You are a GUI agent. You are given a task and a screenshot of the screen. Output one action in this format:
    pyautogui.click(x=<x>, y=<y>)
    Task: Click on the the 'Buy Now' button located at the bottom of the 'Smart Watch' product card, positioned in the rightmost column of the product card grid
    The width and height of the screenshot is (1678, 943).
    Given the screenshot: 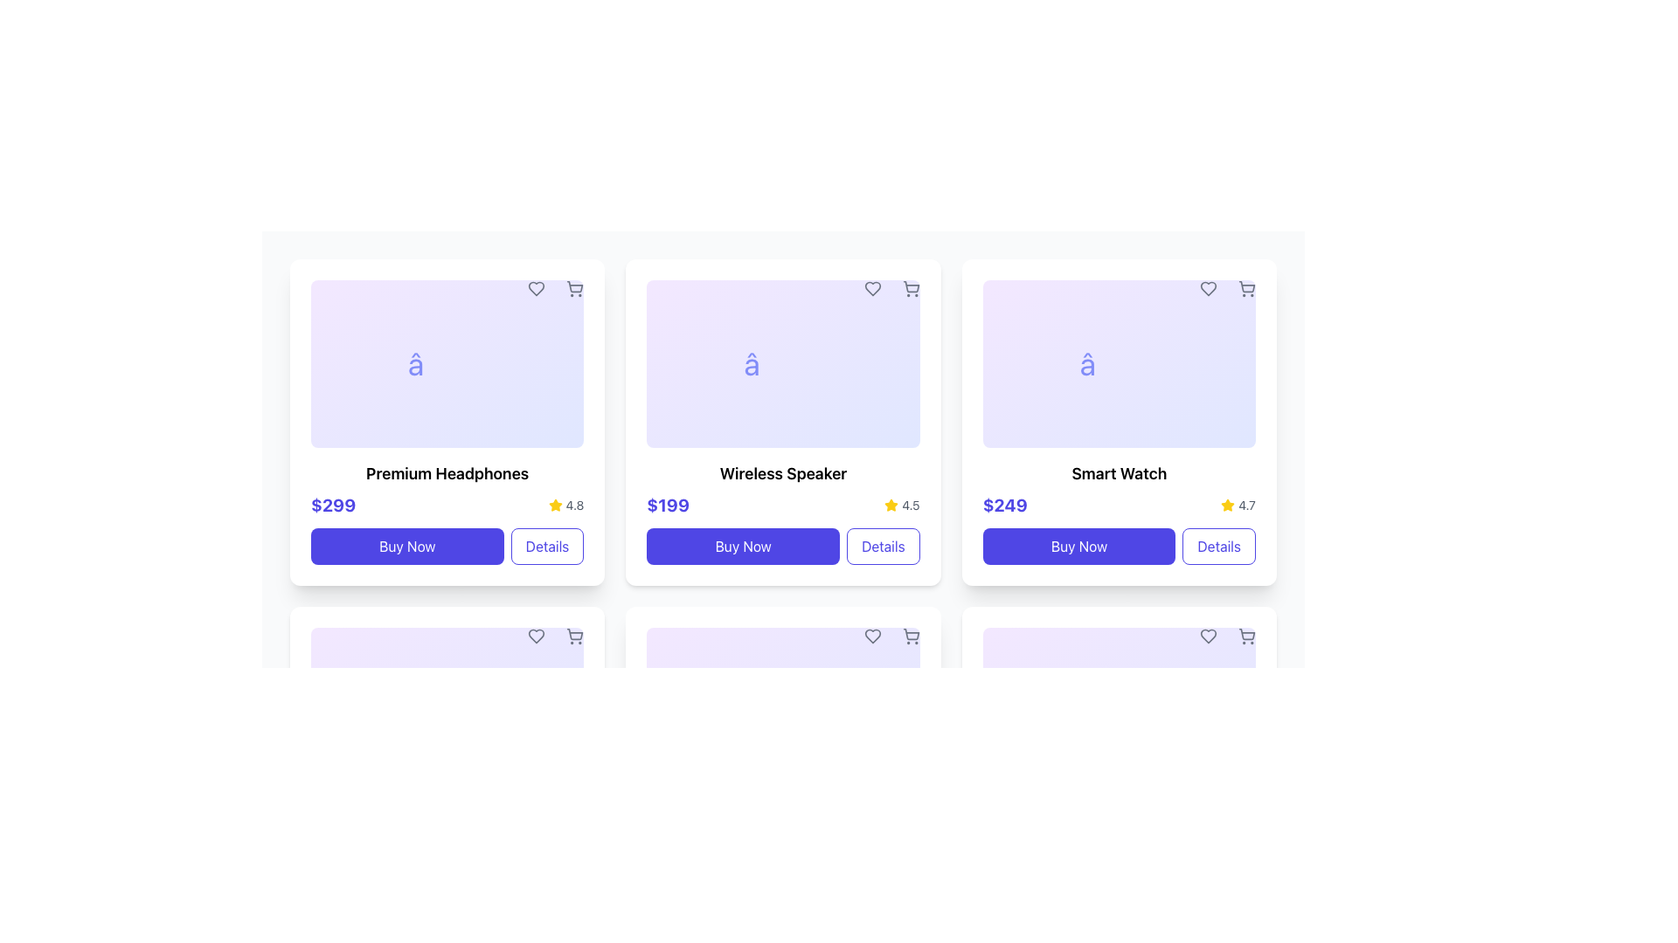 What is the action you would take?
    pyautogui.click(x=1119, y=545)
    